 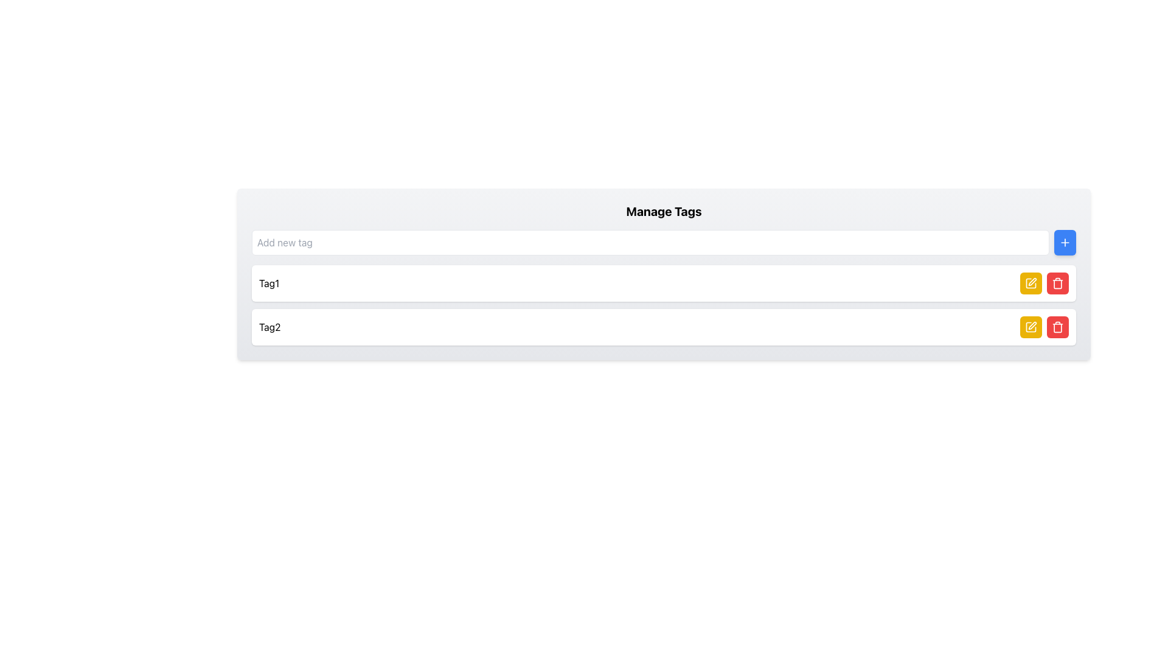 I want to click on the red trash button located at the rightmost position of the second row of buttons to initiate deletion, so click(x=1057, y=326).